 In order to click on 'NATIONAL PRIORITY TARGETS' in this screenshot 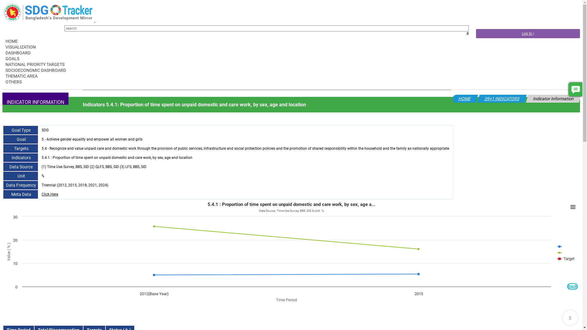, I will do `click(2, 64)`.